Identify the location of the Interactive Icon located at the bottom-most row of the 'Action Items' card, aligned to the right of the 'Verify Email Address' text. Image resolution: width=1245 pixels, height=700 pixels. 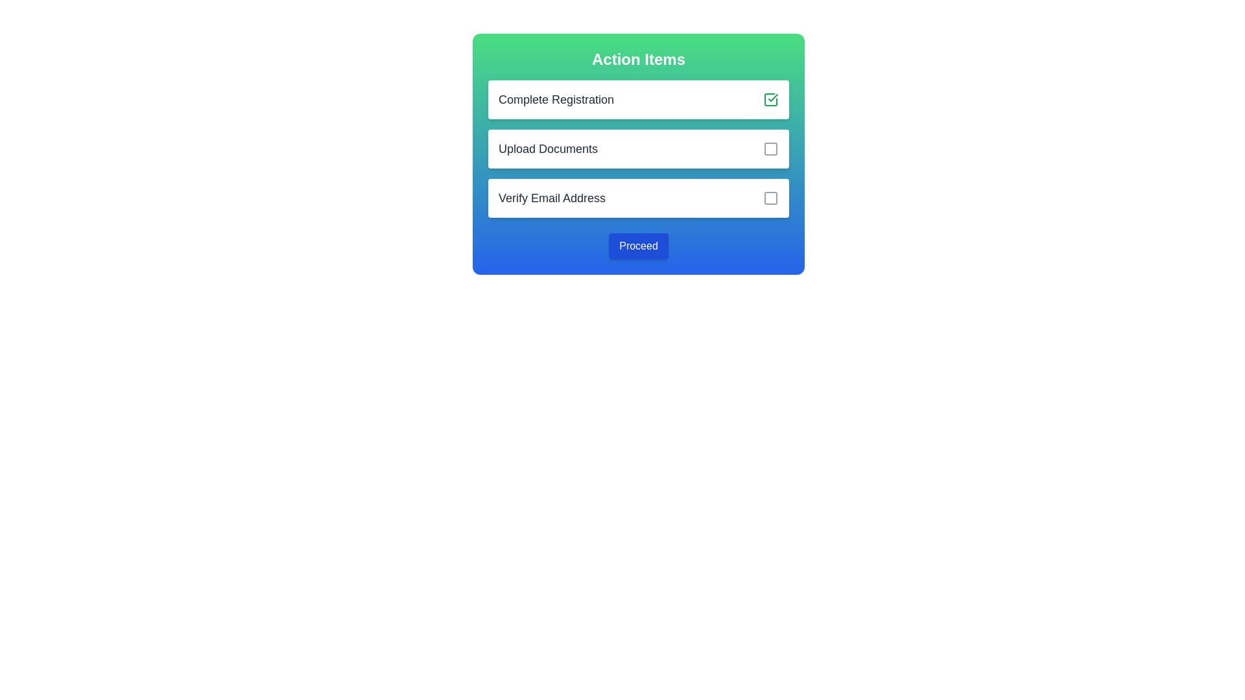
(771, 198).